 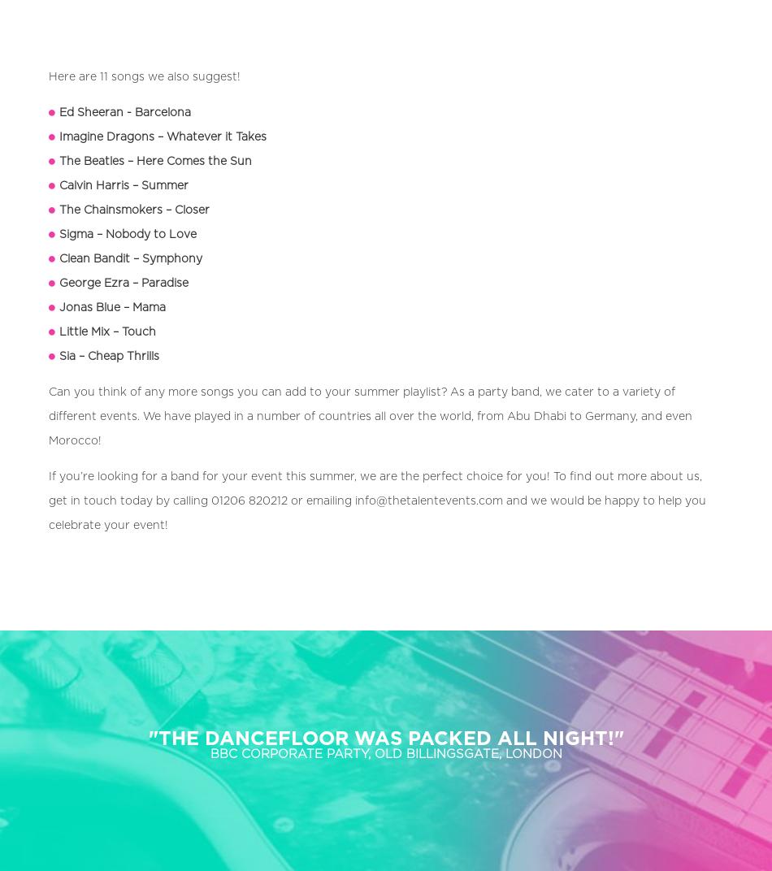 I want to click on 'Little Mix – Touch', so click(x=107, y=331).